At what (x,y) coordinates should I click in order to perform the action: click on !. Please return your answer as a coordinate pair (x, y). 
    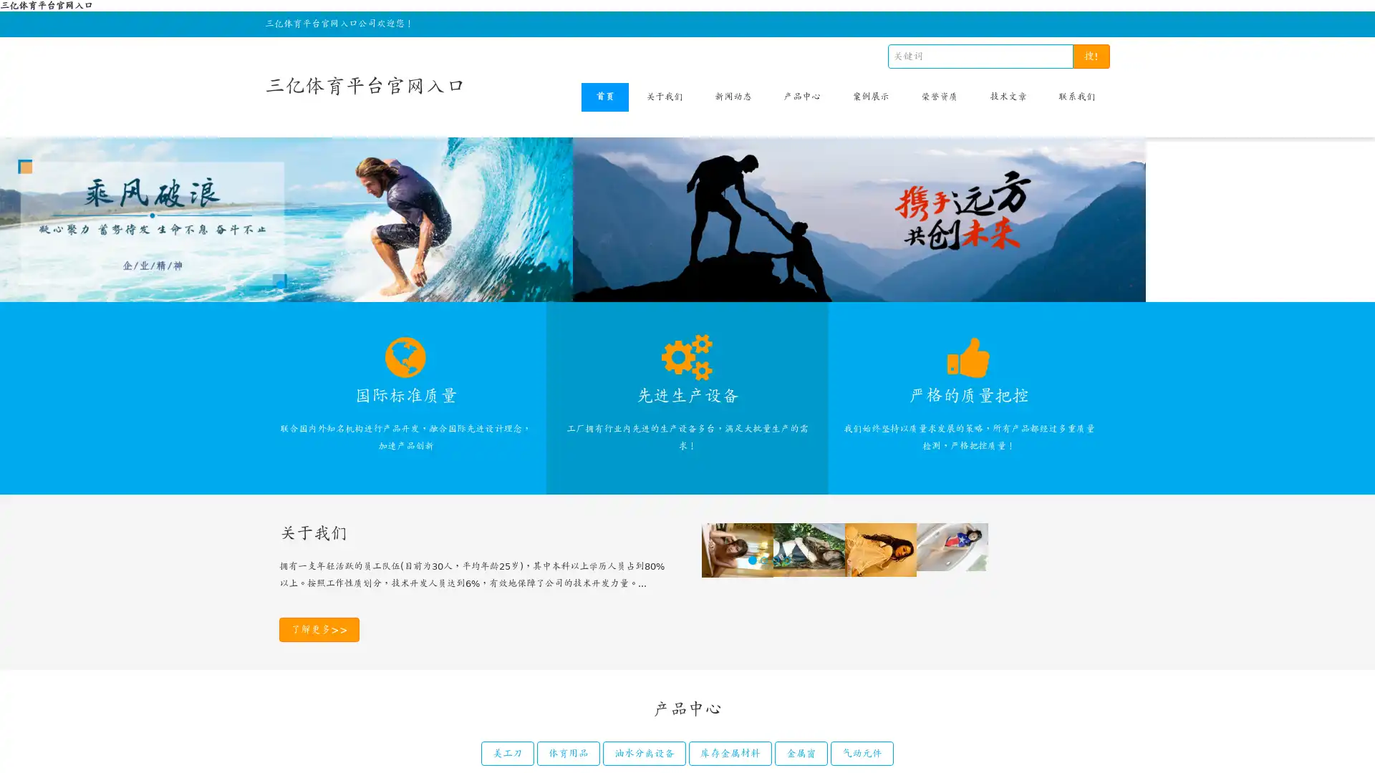
    Looking at the image, I should click on (1091, 55).